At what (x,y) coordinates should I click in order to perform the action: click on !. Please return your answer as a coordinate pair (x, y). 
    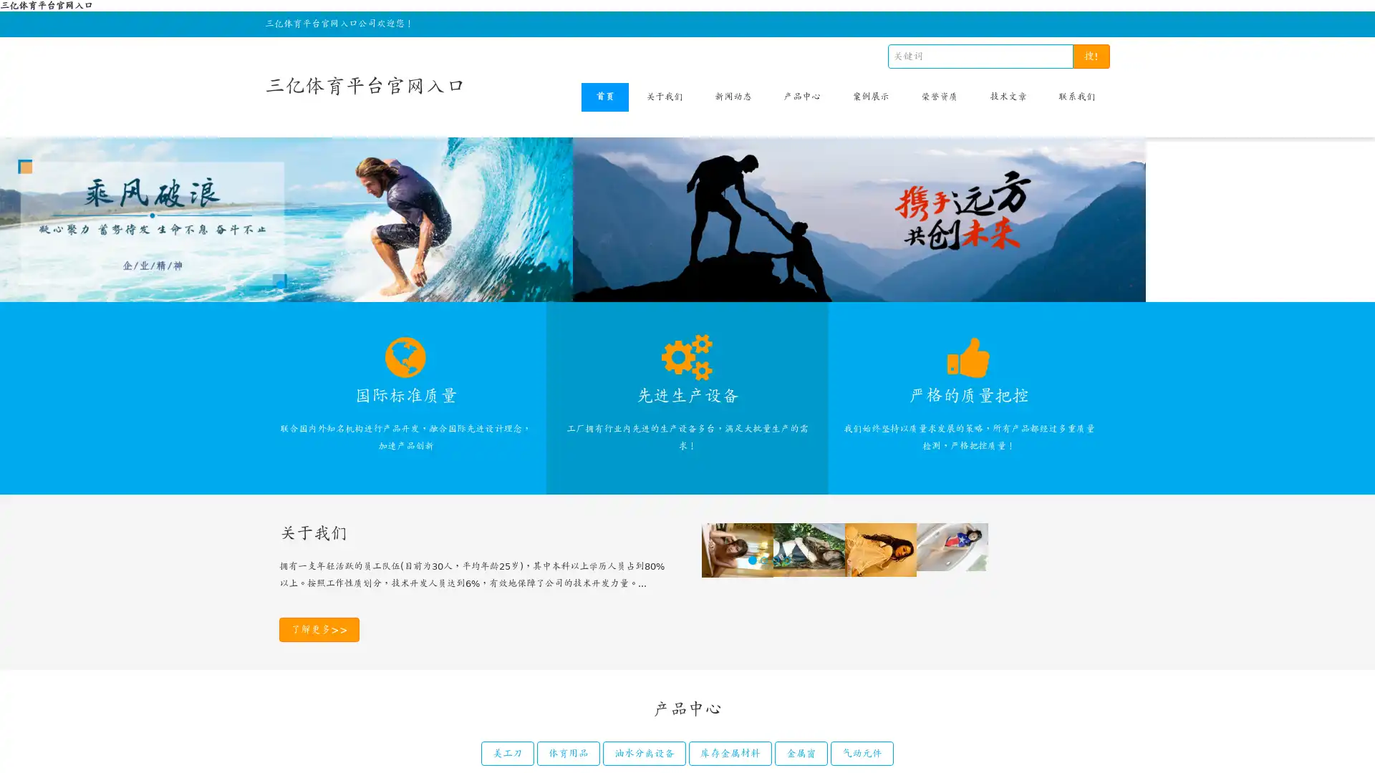
    Looking at the image, I should click on (1091, 55).